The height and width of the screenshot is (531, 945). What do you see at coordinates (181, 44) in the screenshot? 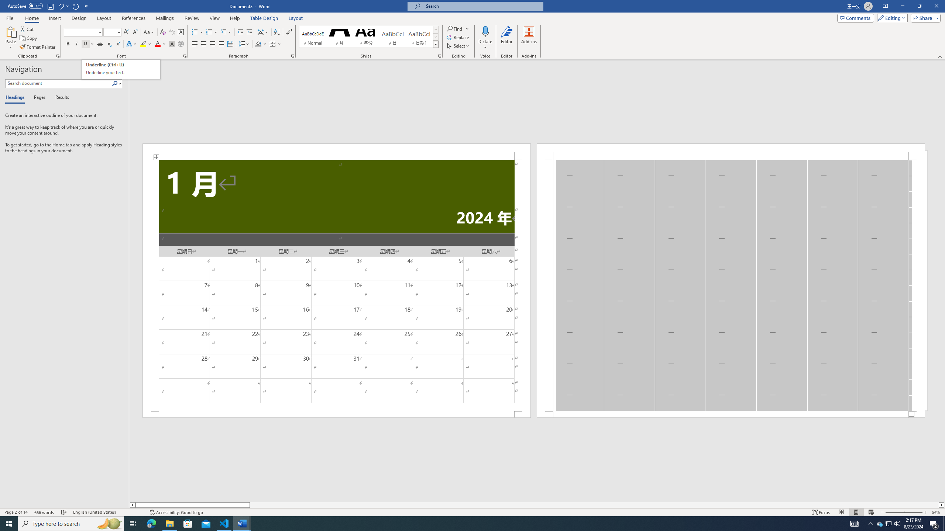
I see `'Enclose Characters...'` at bounding box center [181, 44].